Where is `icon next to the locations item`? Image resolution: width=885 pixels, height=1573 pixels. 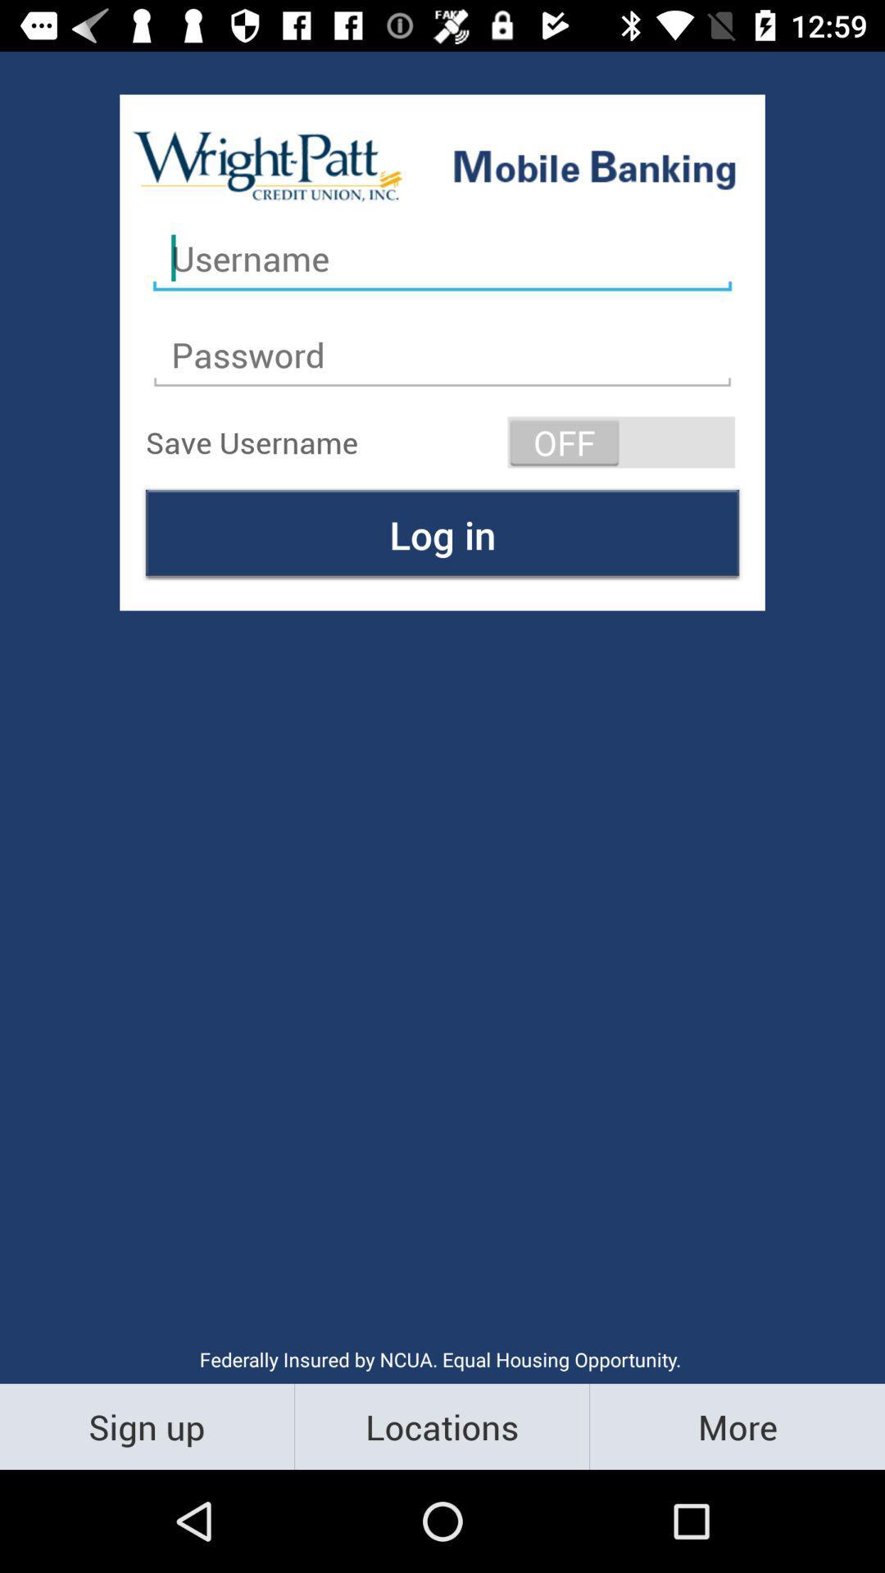
icon next to the locations item is located at coordinates (736, 1426).